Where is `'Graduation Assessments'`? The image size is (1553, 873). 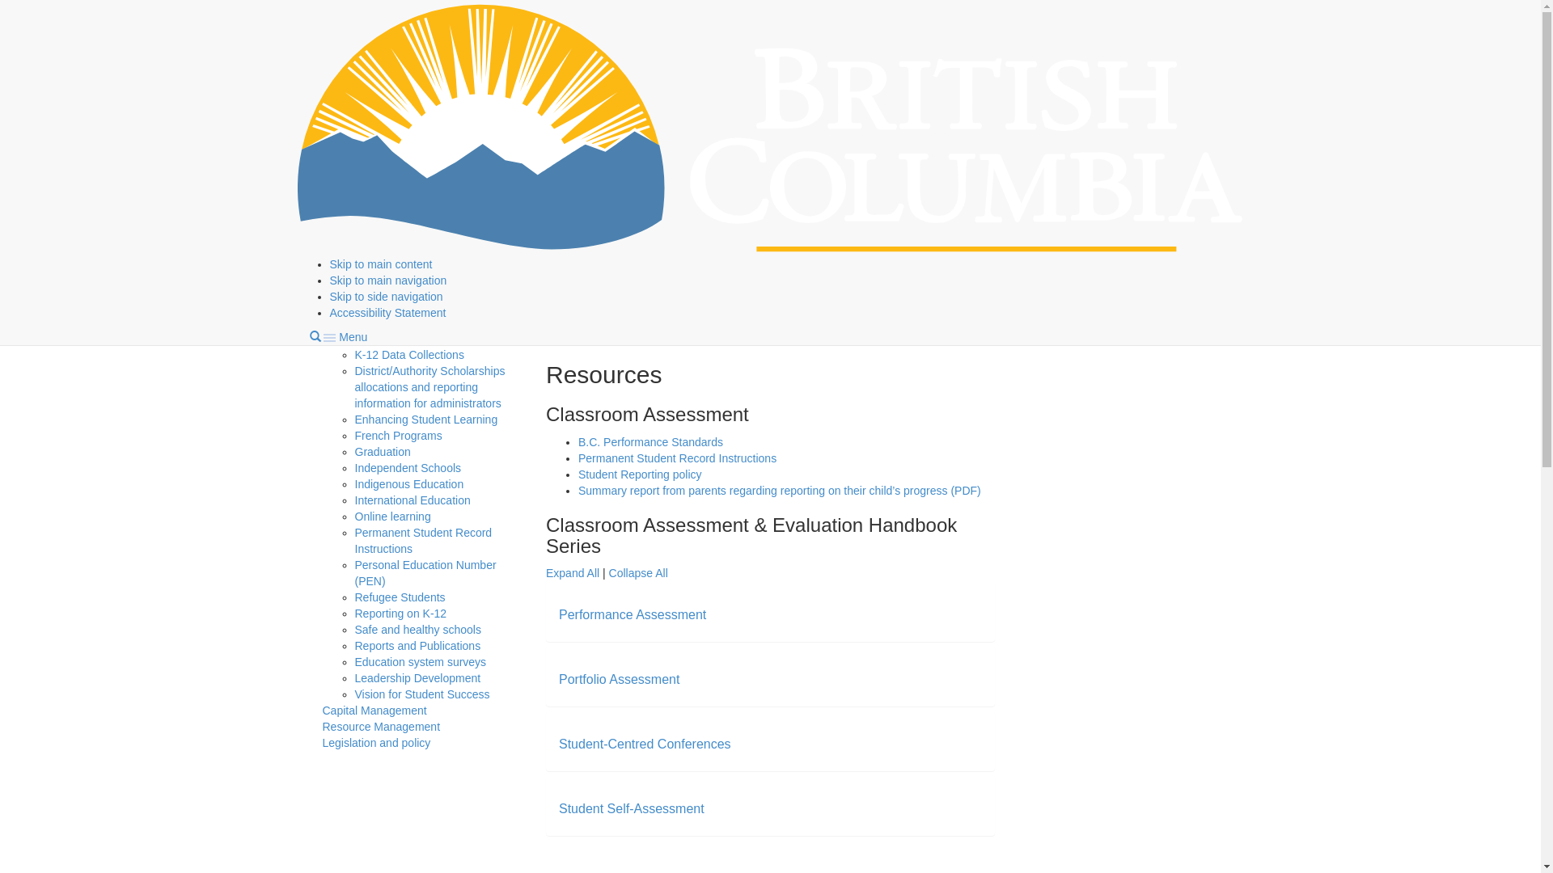
'Graduation Assessments' is located at coordinates (420, 264).